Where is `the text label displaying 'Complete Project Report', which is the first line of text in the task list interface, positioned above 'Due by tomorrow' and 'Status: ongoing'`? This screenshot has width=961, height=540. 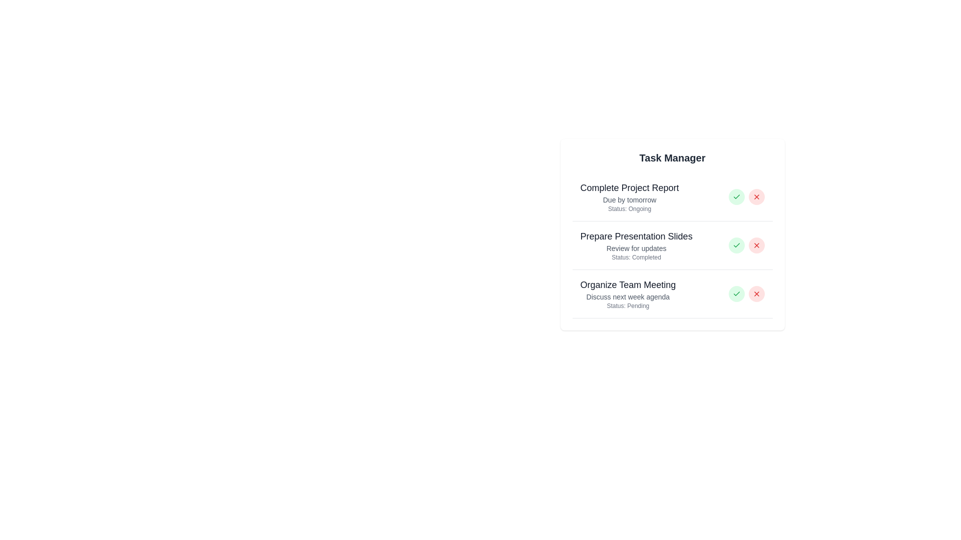 the text label displaying 'Complete Project Report', which is the first line of text in the task list interface, positioned above 'Due by tomorrow' and 'Status: ongoing' is located at coordinates (629, 187).